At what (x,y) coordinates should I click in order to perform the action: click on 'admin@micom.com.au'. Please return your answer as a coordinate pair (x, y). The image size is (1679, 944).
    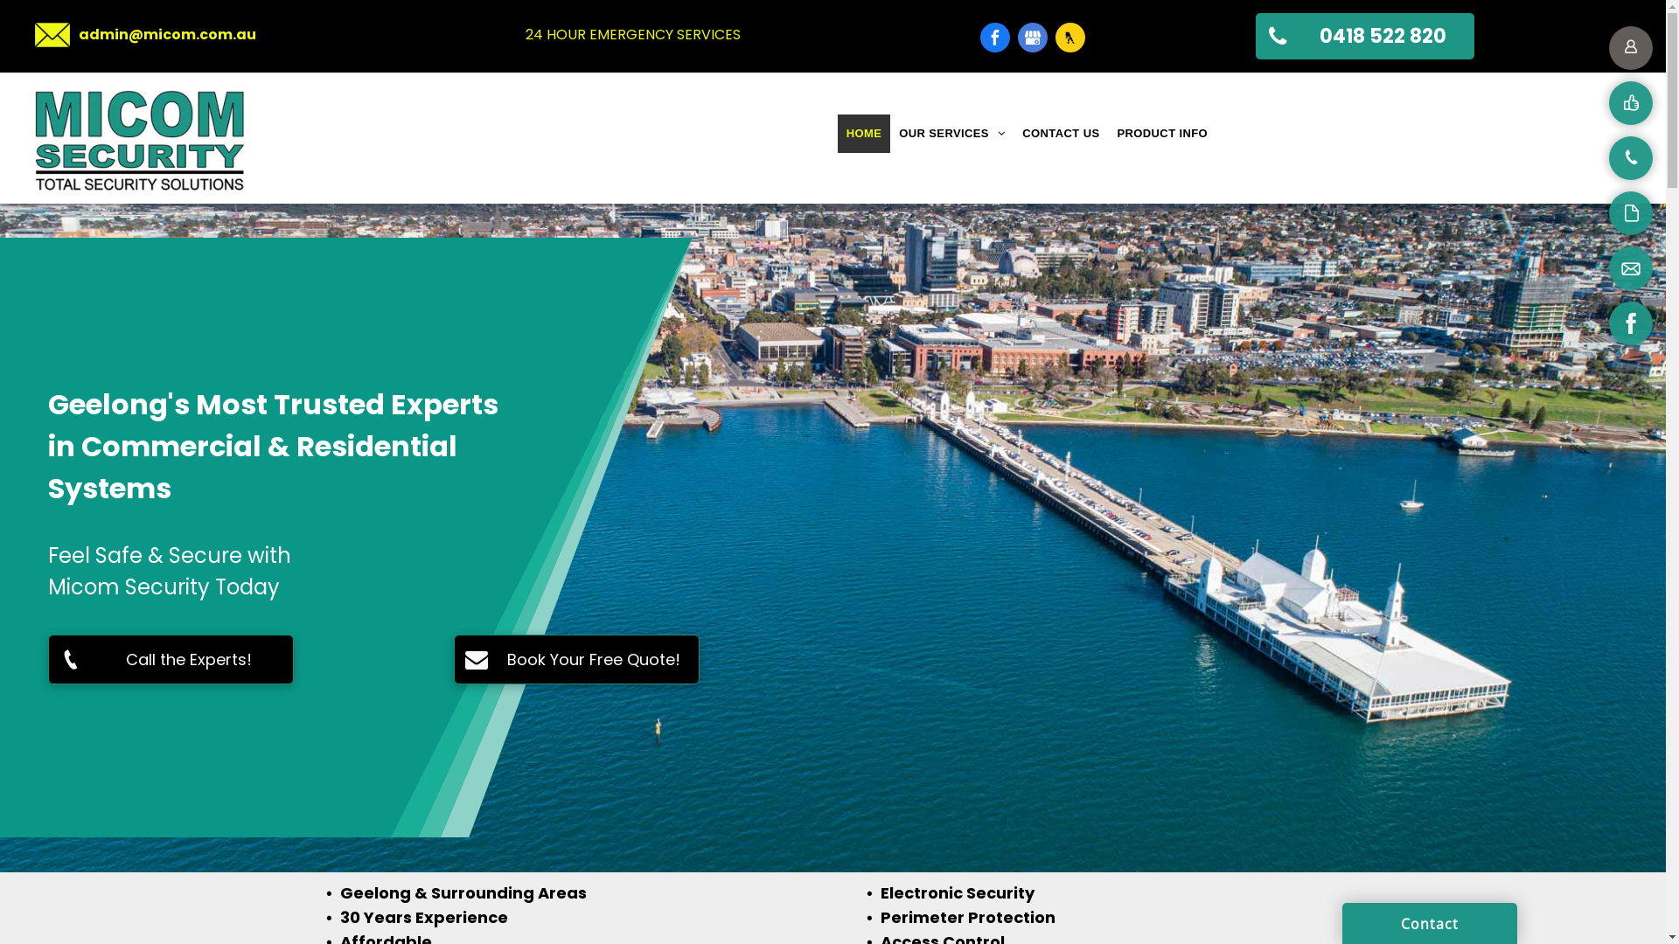
    Looking at the image, I should click on (167, 34).